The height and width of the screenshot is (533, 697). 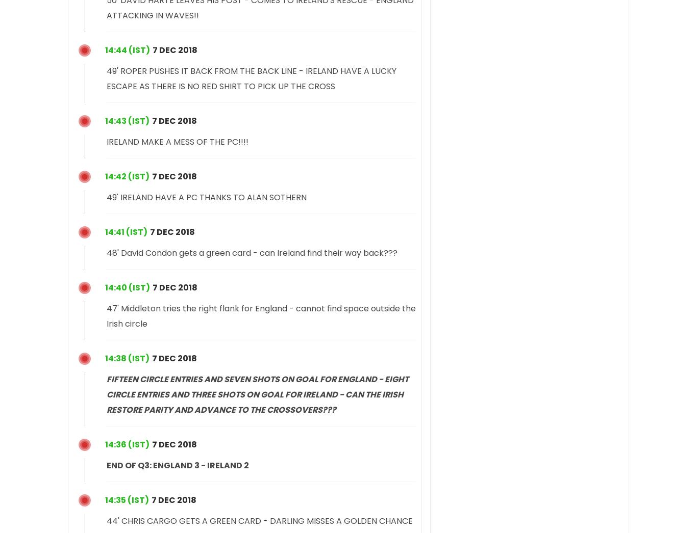 What do you see at coordinates (126, 231) in the screenshot?
I see `'20:11 (IST)'` at bounding box center [126, 231].